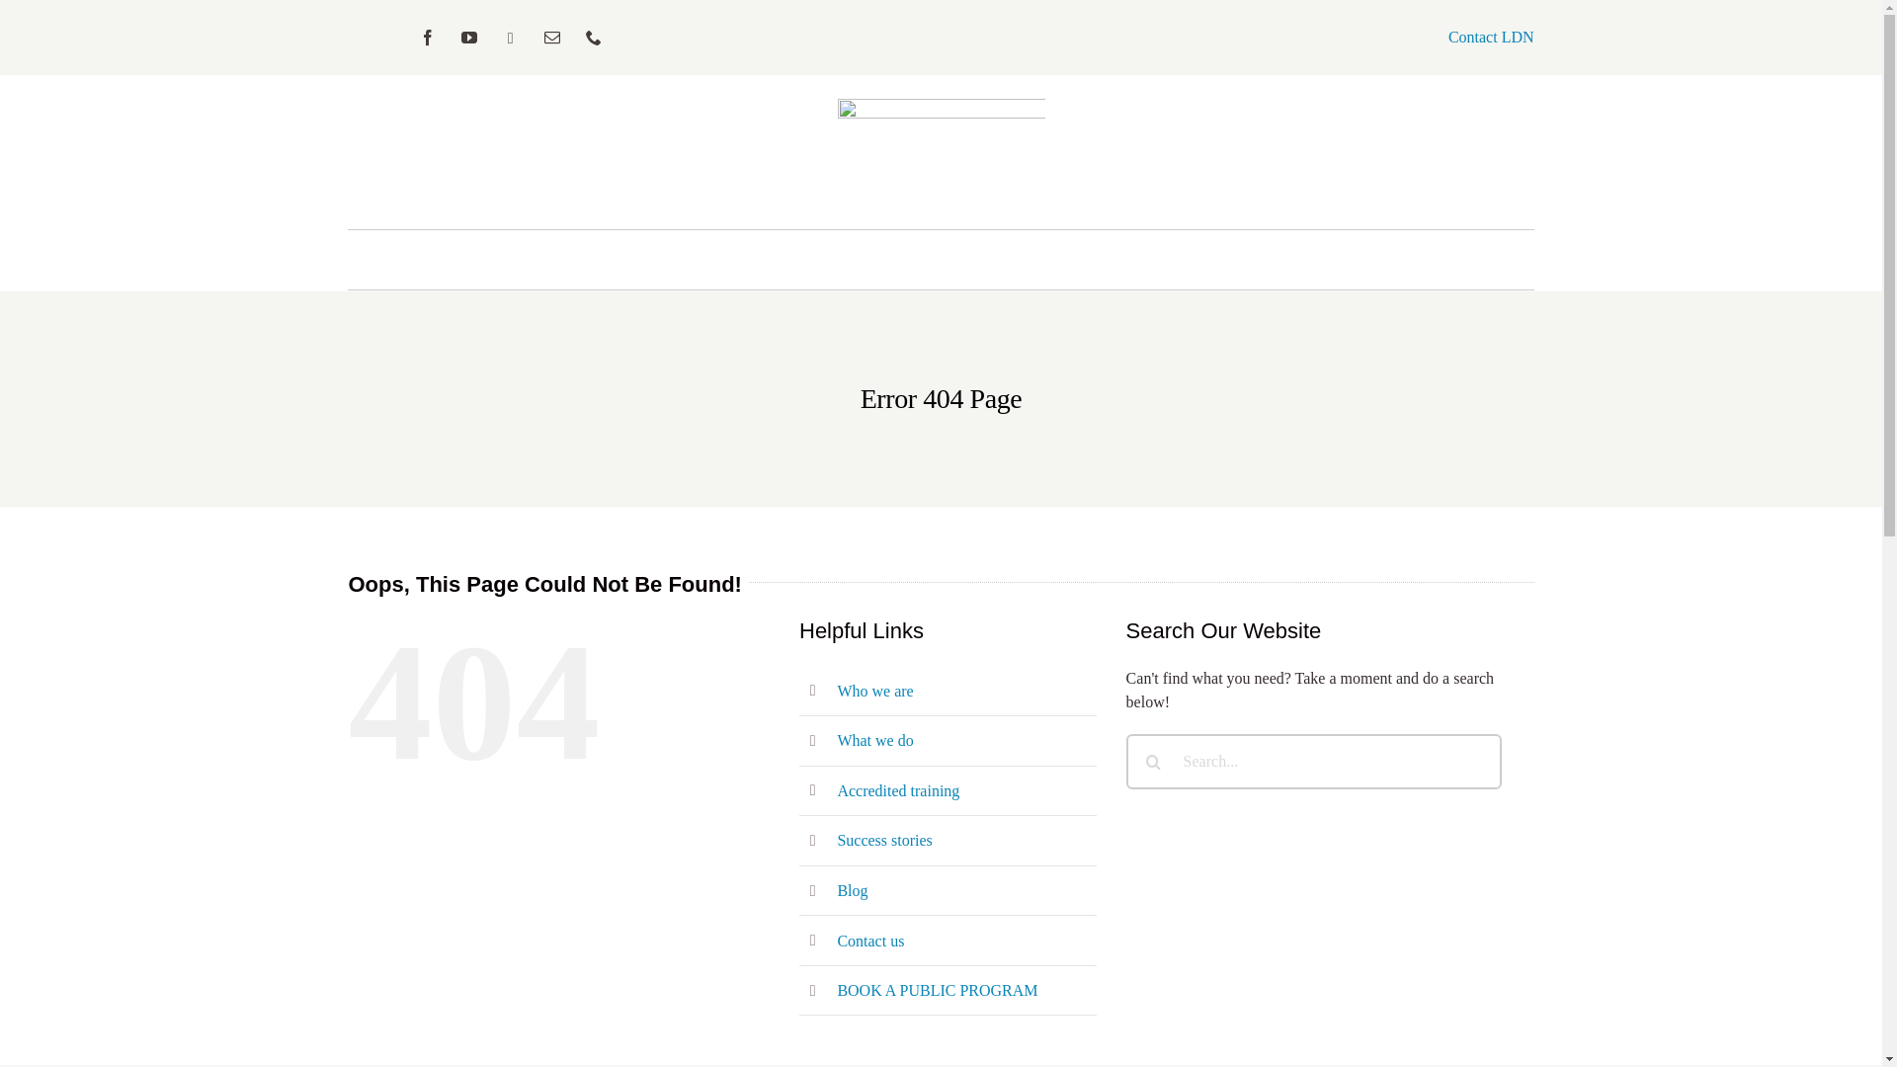 This screenshot has width=1897, height=1067. I want to click on 'Contact LDN', so click(1491, 37).